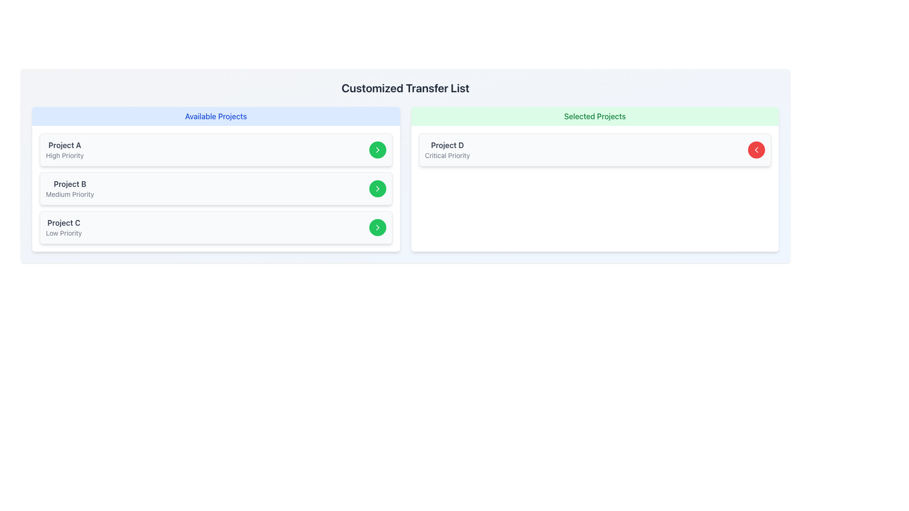 Image resolution: width=909 pixels, height=511 pixels. What do you see at coordinates (756, 149) in the screenshot?
I see `the button used to remove 'Project D' from the 'Selected Projects' list` at bounding box center [756, 149].